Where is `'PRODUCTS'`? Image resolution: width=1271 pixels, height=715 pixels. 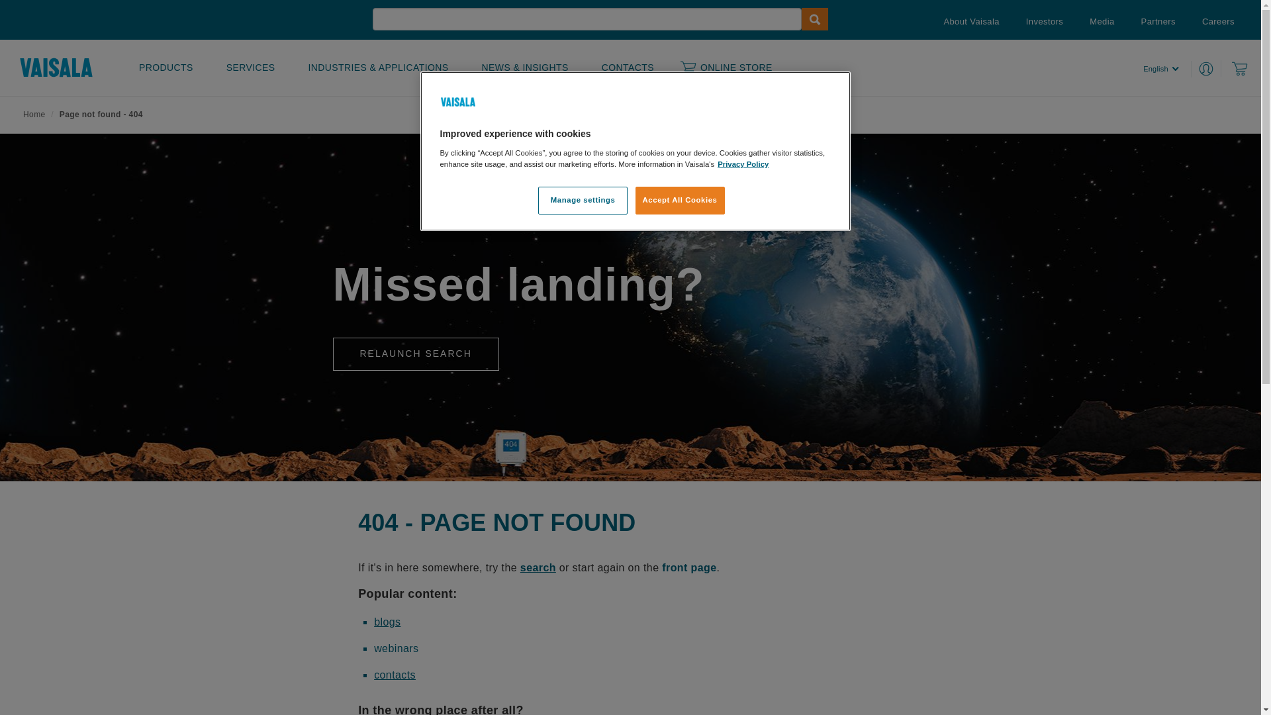
'PRODUCTS' is located at coordinates (165, 68).